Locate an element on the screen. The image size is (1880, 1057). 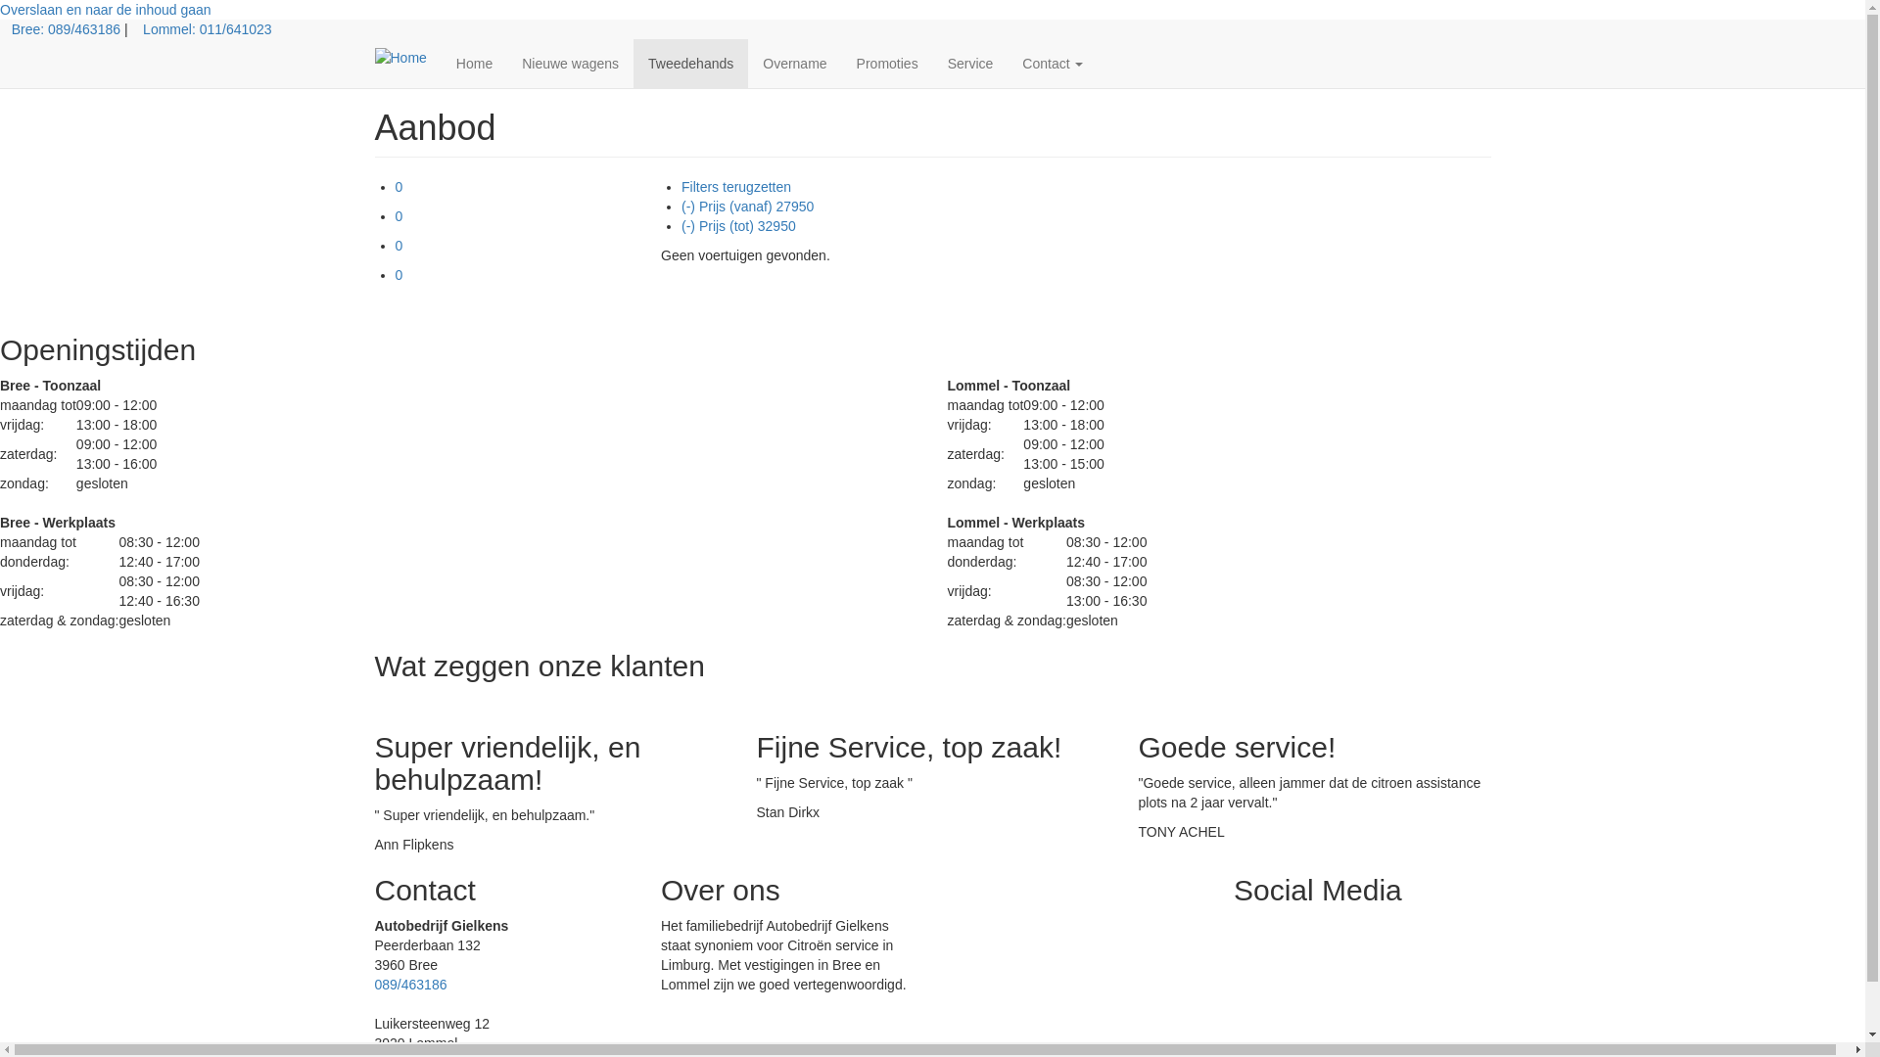
'Nieuwe wagens' is located at coordinates (569, 63).